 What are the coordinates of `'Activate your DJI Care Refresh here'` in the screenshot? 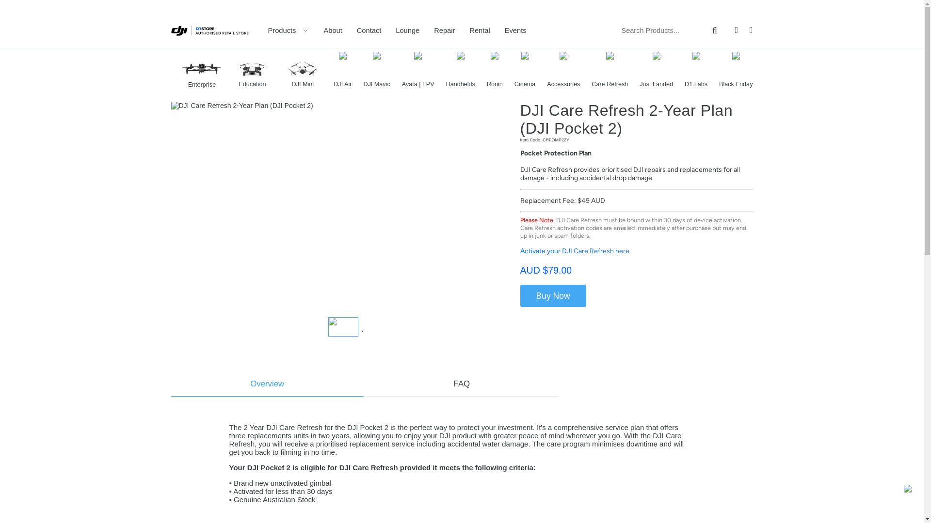 It's located at (574, 250).